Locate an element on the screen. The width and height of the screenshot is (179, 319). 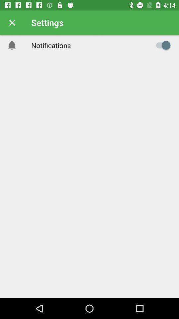
item to the left of settings is located at coordinates (12, 23).